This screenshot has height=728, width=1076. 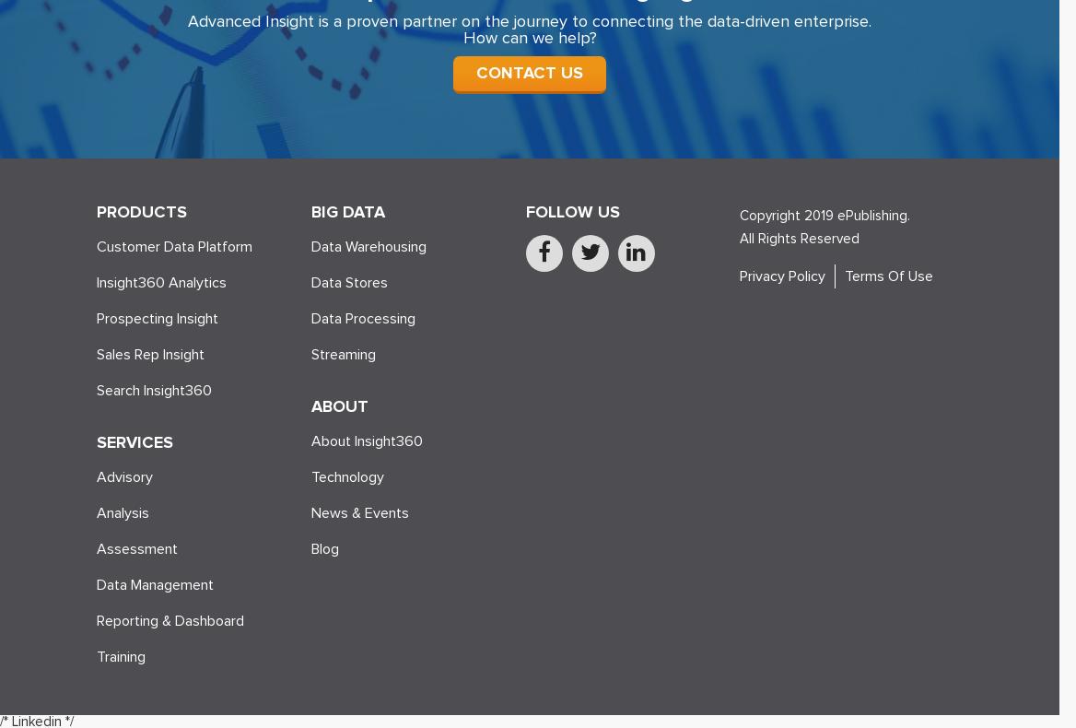 I want to click on 'Training', so click(x=120, y=655).